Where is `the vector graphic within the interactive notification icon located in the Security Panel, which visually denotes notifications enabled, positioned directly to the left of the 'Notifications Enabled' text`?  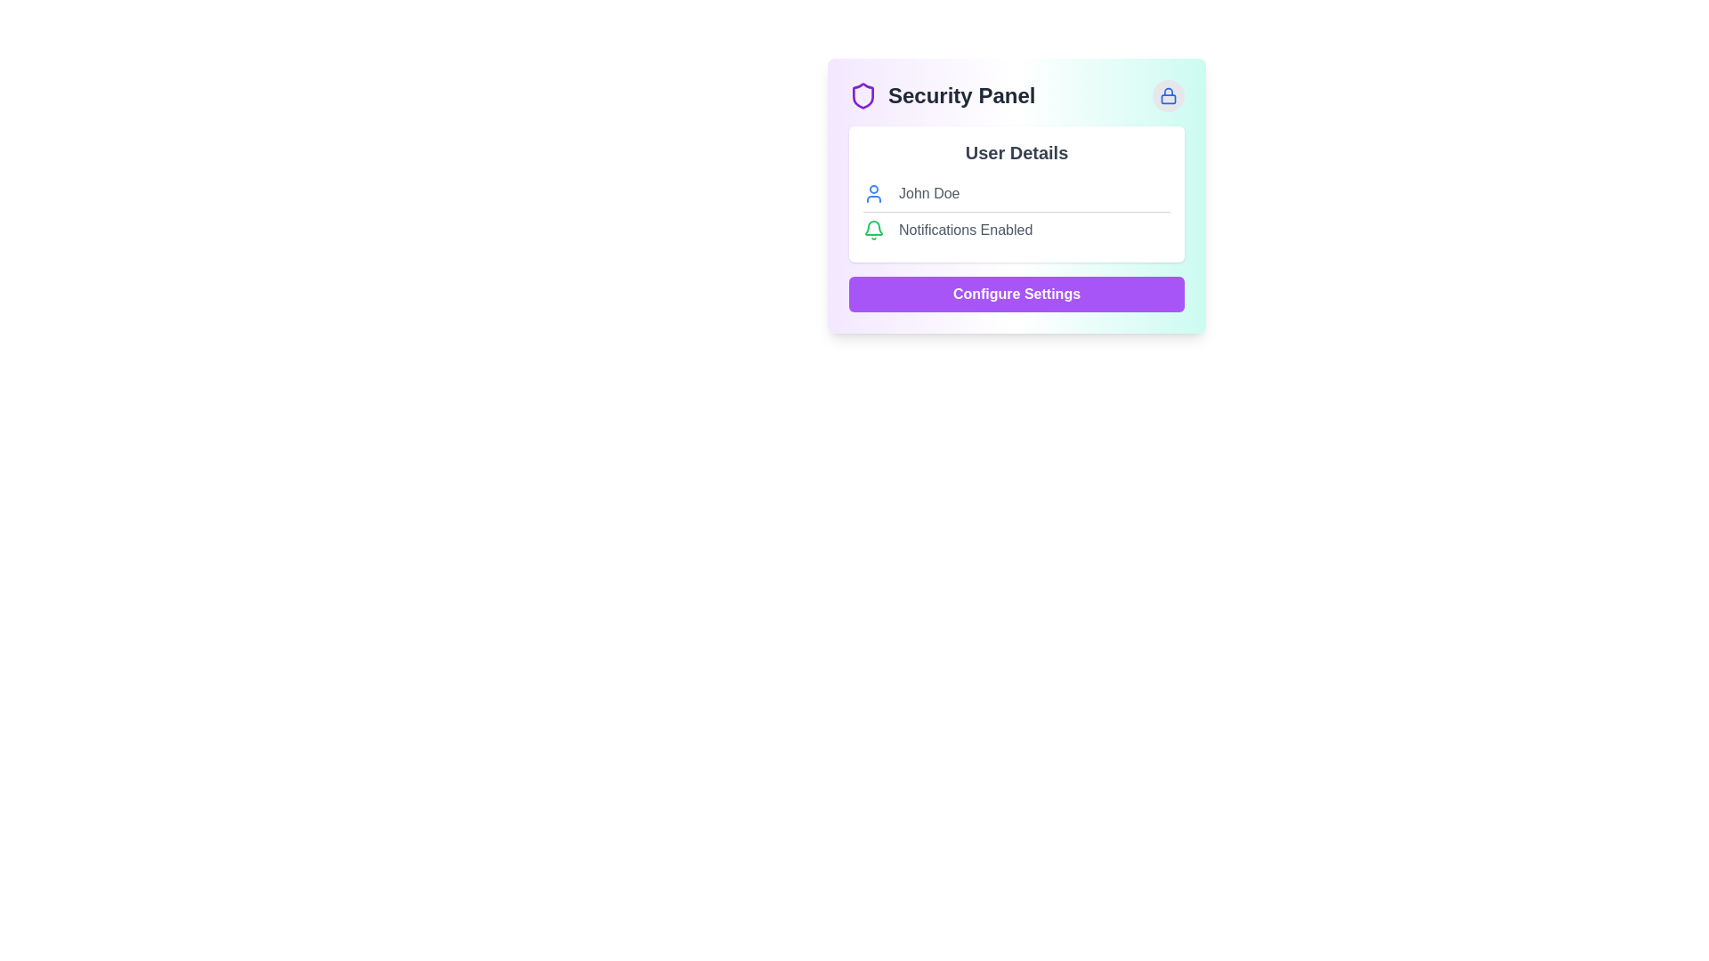
the vector graphic within the interactive notification icon located in the Security Panel, which visually denotes notifications enabled, positioned directly to the left of the 'Notifications Enabled' text is located at coordinates (874, 227).